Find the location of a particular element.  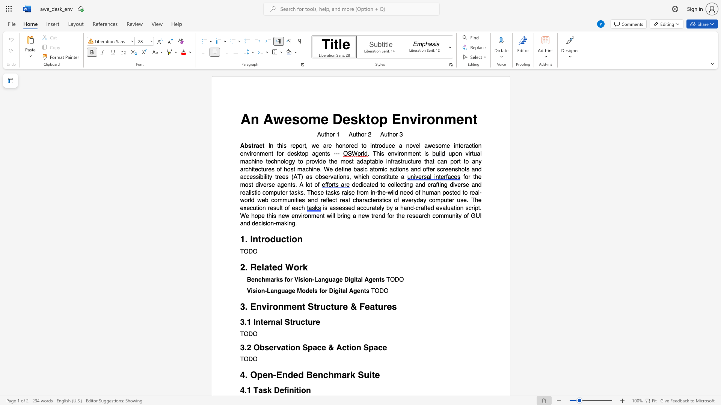

the subset text "ture" within the text "3. Environment Structure & Features" is located at coordinates (375, 307).